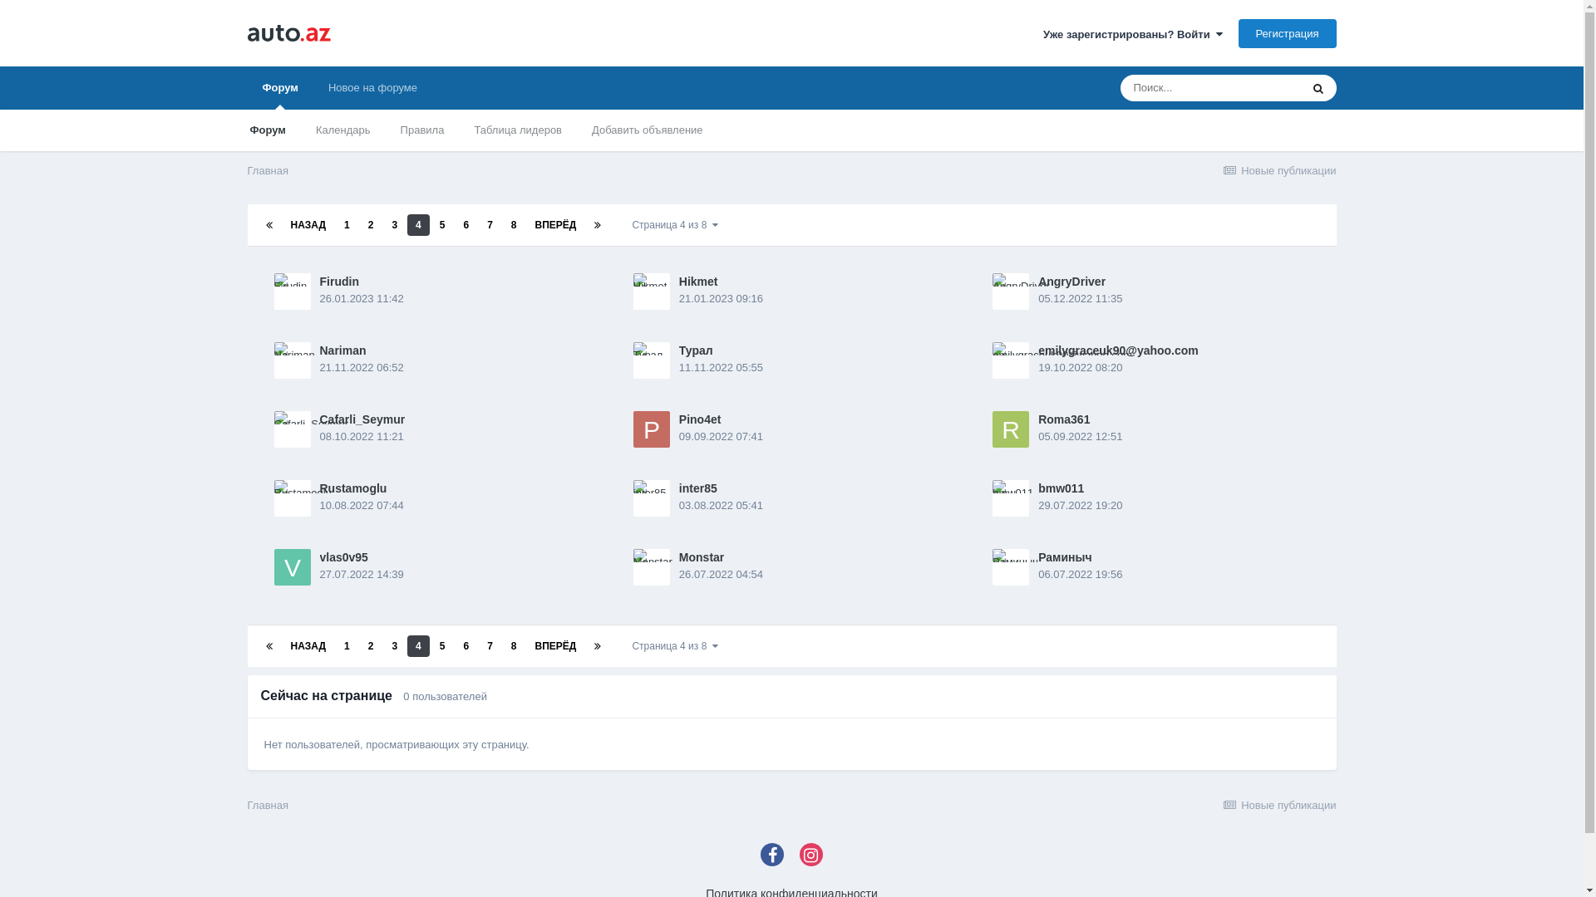 This screenshot has height=897, width=1596. What do you see at coordinates (501, 644) in the screenshot?
I see `'8'` at bounding box center [501, 644].